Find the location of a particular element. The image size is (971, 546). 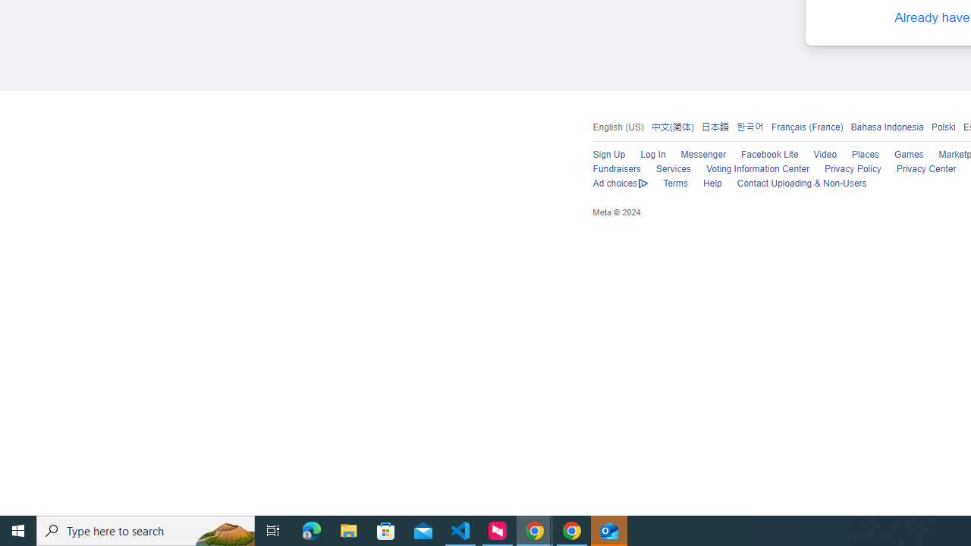

'Sign Up' is located at coordinates (609, 155).